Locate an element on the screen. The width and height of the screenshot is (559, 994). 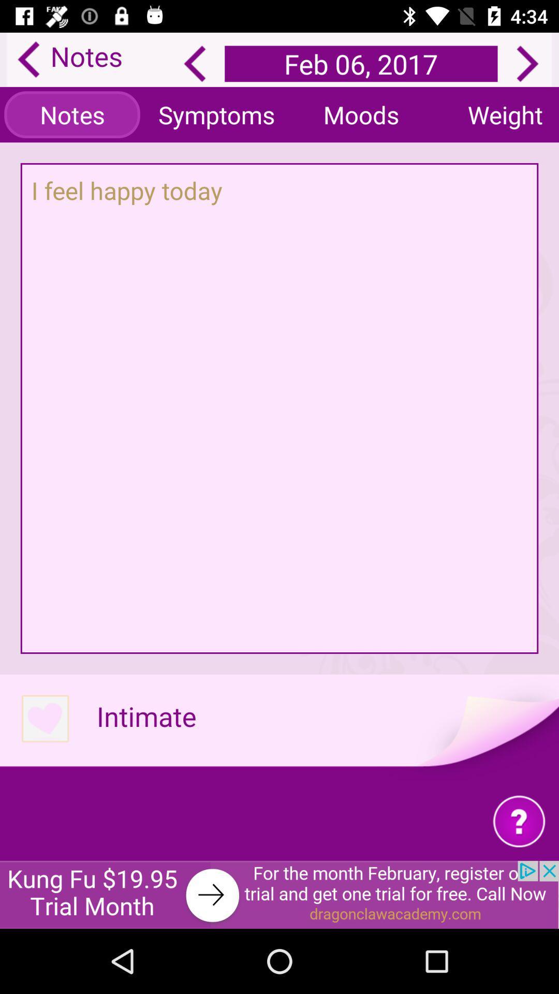
question symbol is located at coordinates (519, 820).